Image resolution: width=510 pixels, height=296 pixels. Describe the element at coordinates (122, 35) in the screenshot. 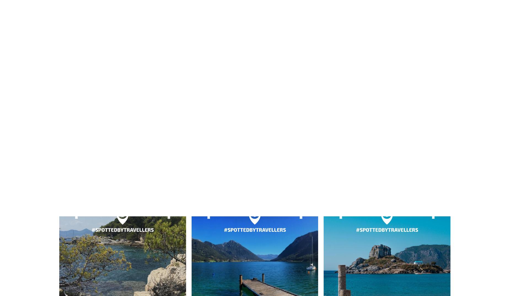

I see `'Spotted par Sijo'` at that location.